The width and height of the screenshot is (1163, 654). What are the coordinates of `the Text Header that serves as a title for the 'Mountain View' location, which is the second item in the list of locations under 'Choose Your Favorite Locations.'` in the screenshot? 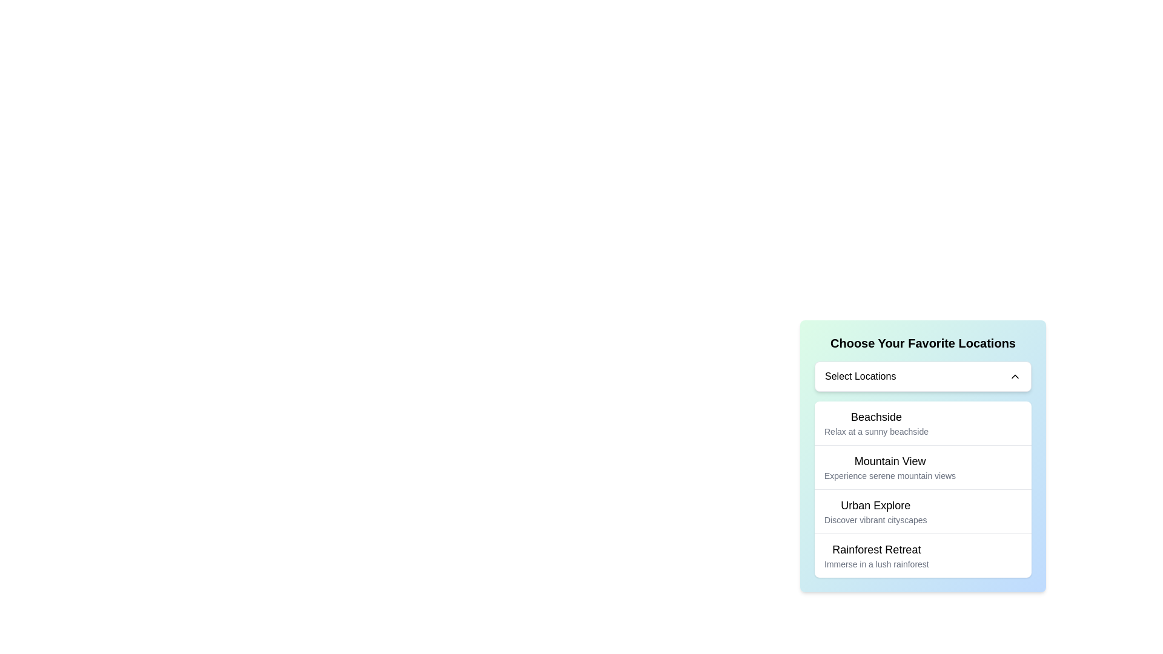 It's located at (890, 461).